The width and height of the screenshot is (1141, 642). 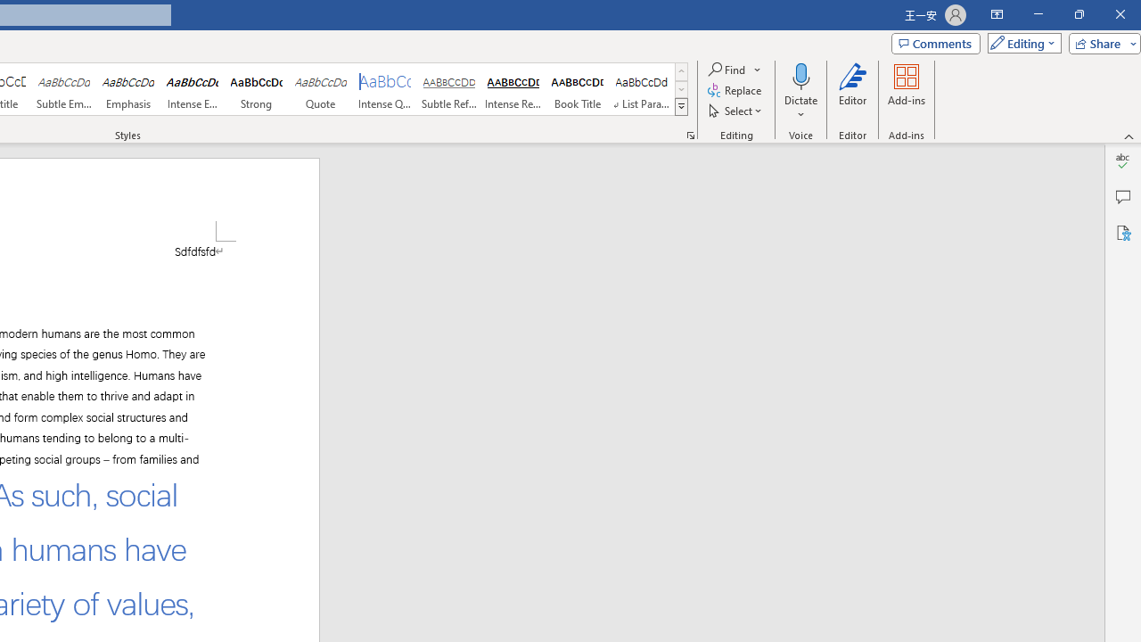 I want to click on 'Row Down', so click(x=680, y=89).